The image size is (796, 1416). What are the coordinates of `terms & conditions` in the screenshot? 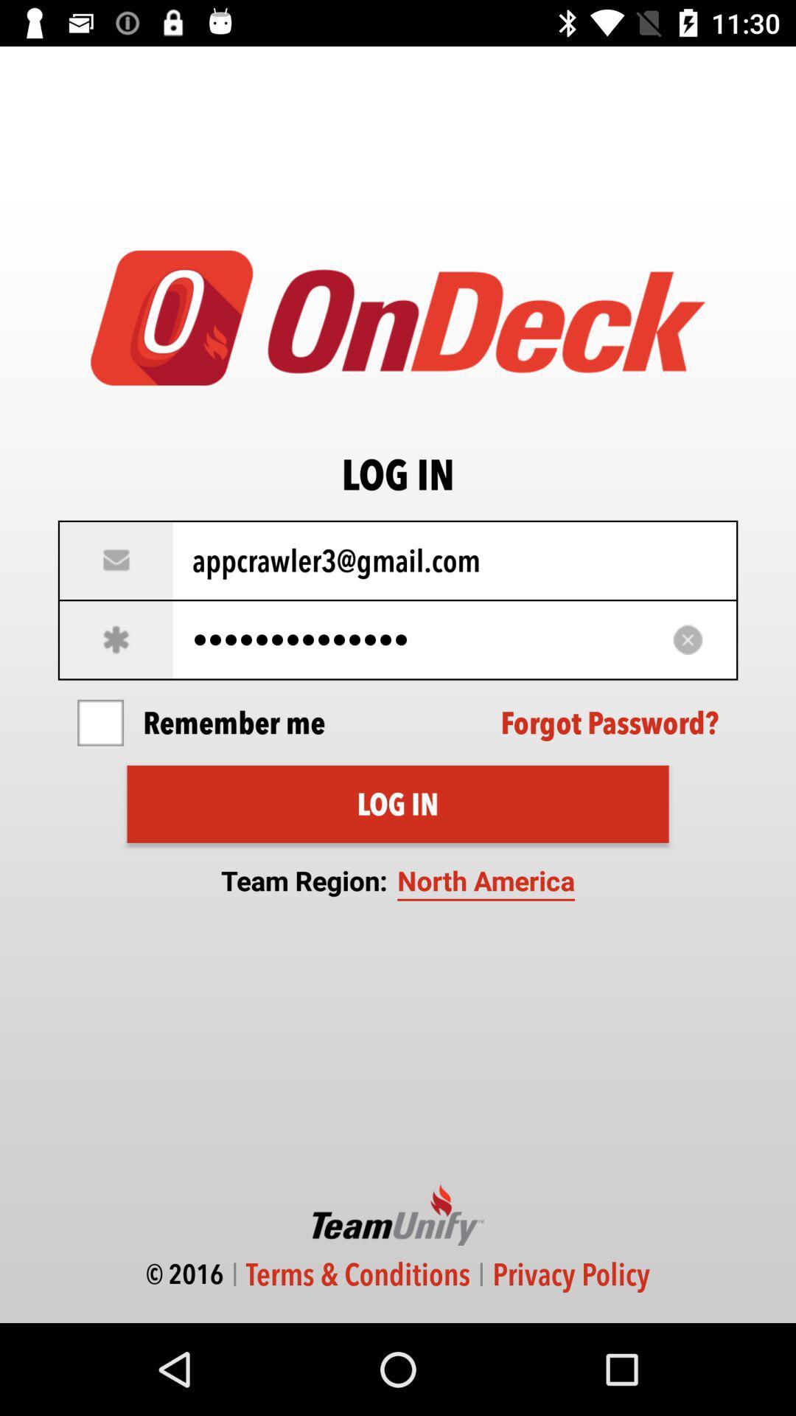 It's located at (358, 1274).